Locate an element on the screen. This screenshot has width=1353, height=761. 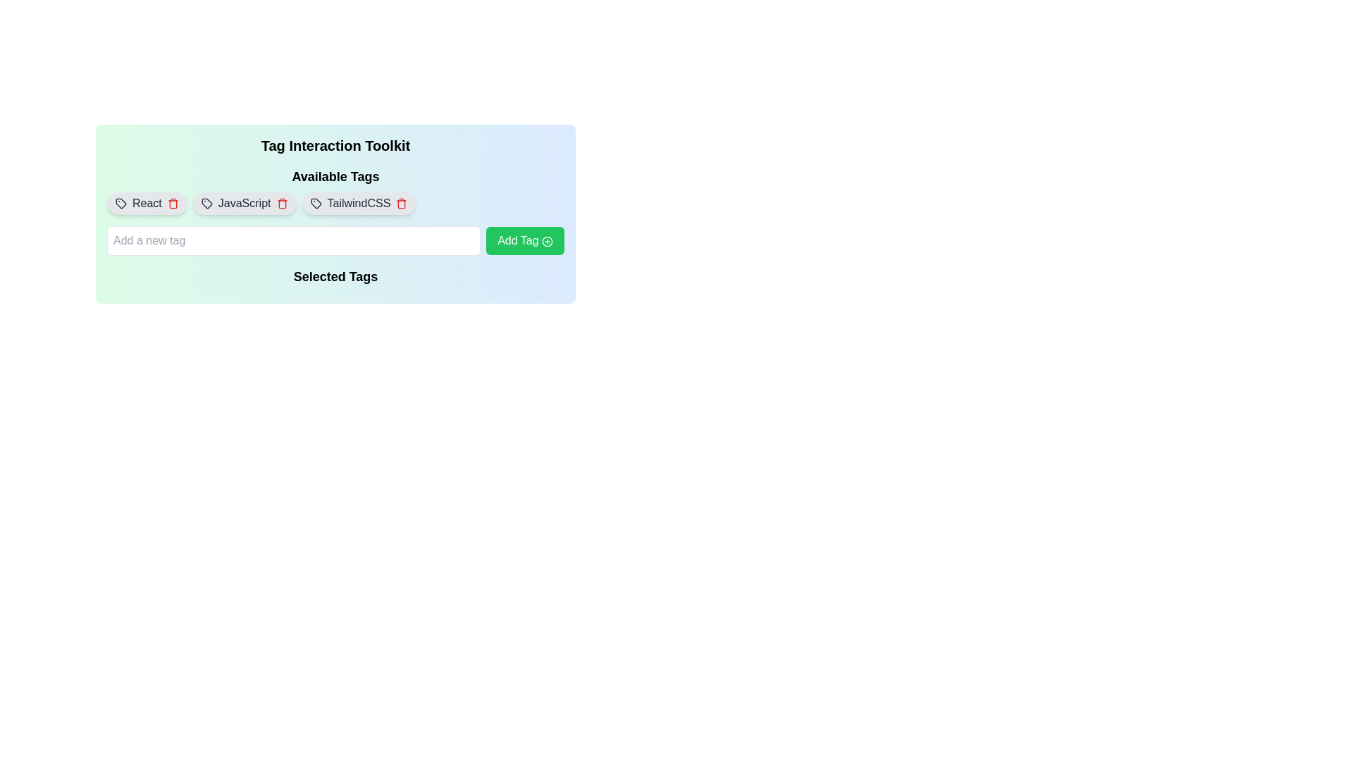
the trash can icon button located at the far right of the 'TailwindCSS' tag is located at coordinates (401, 204).